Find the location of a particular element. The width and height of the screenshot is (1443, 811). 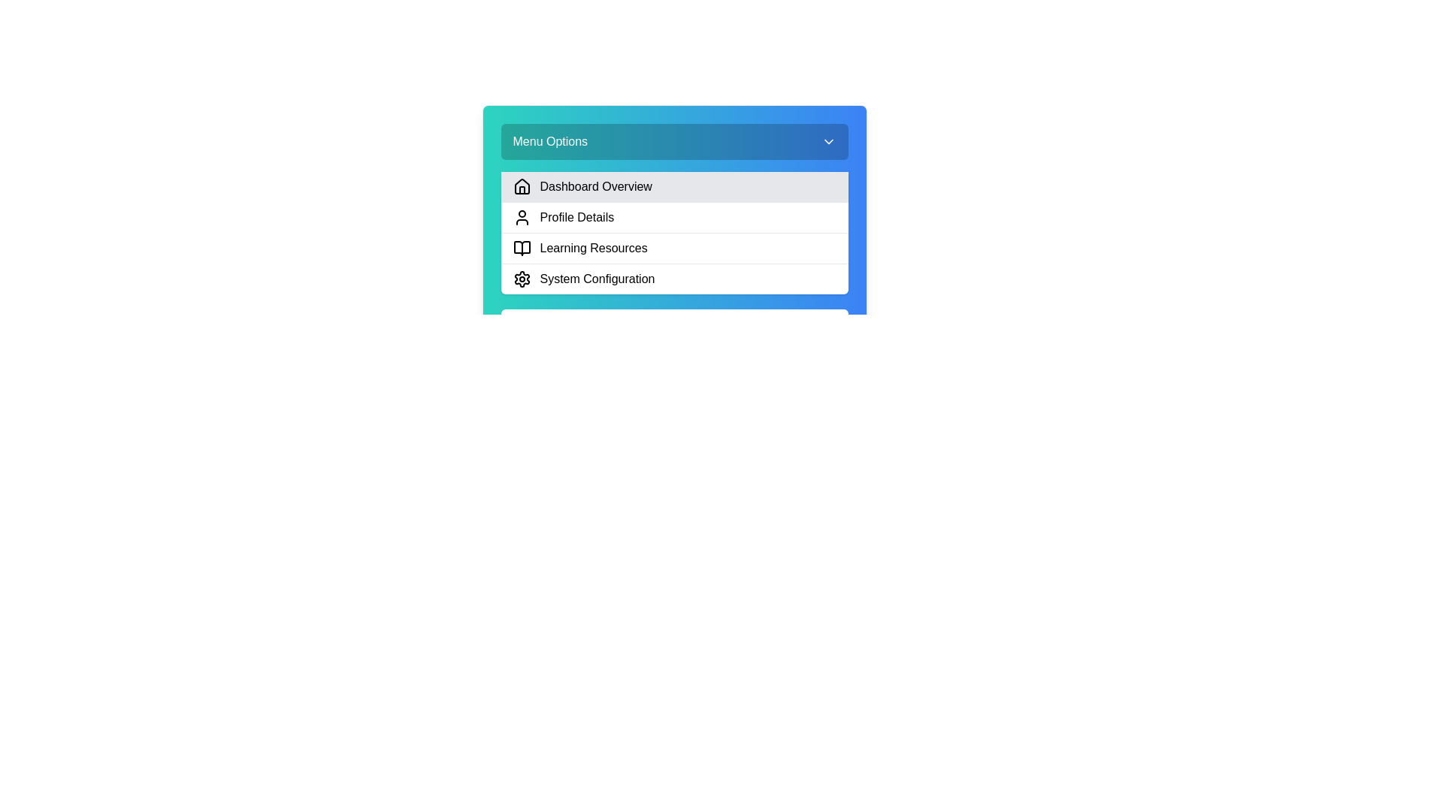

the SVG icon resembling an open book located to the left of the text 'Learning Resources' in the menu to interact with it is located at coordinates (522, 248).